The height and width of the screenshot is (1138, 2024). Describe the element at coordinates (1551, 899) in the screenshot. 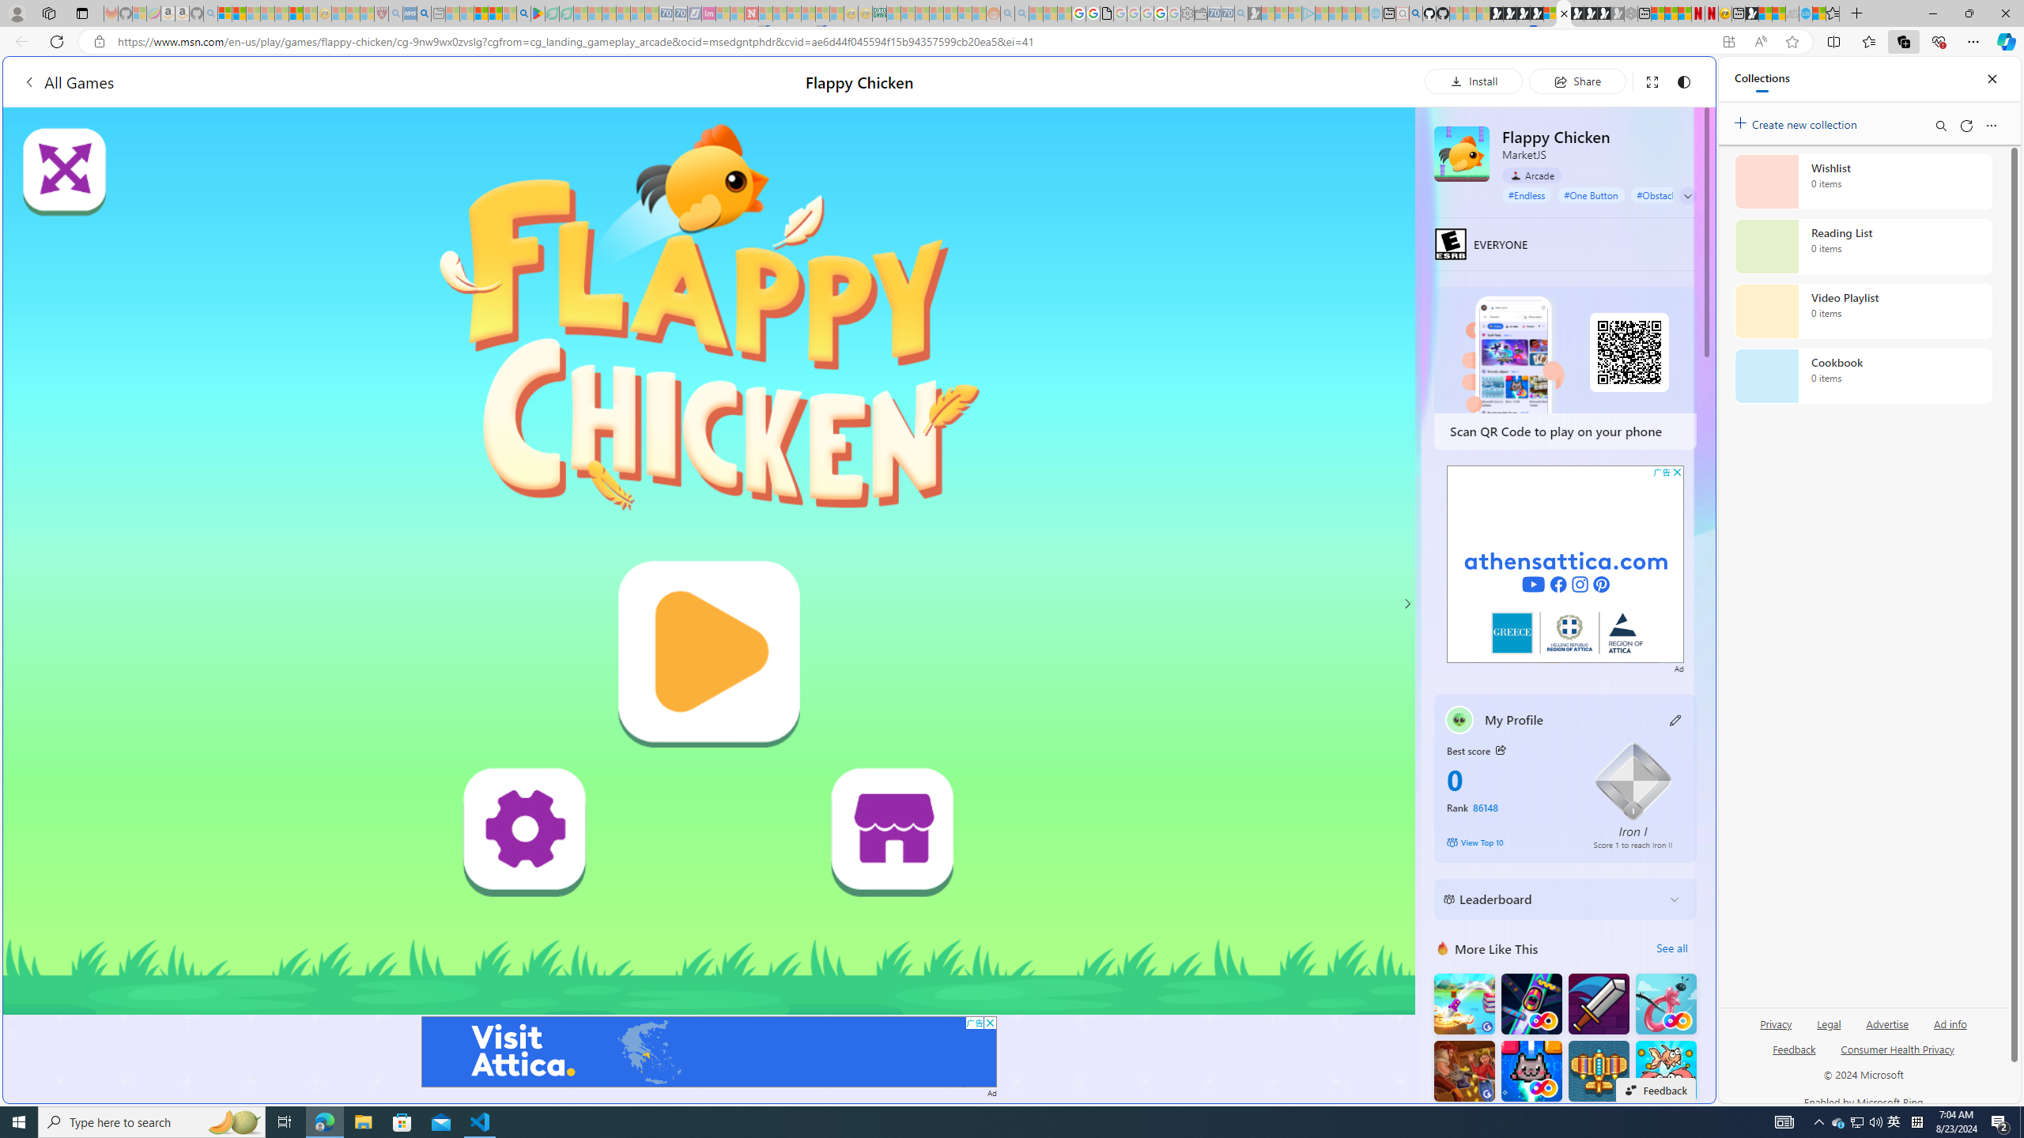

I see `'Leaderboard'` at that location.